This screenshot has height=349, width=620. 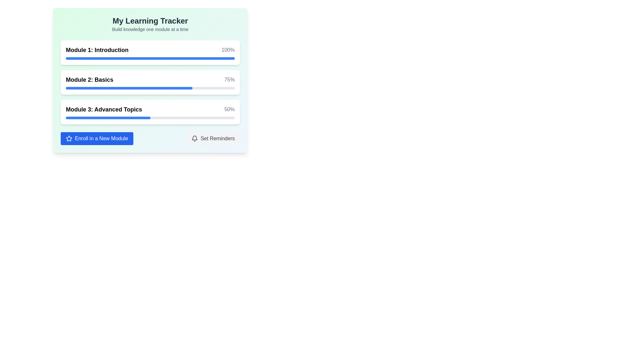 I want to click on the progress bar fill of 'Module 3: Advanced Topics' which is filled halfway with blue color, indicating 50% progress, so click(x=108, y=118).